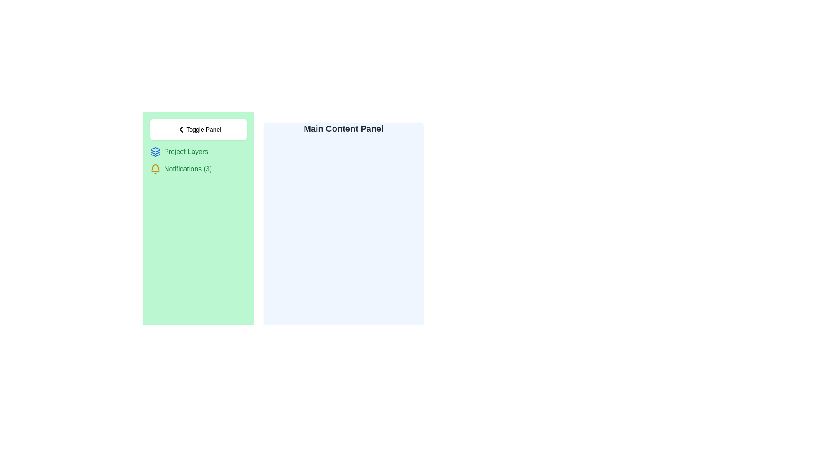 The image size is (827, 465). What do you see at coordinates (198, 152) in the screenshot?
I see `the first menu item labeled 'Project Layers' that has a blue stacked layers icon and green text` at bounding box center [198, 152].